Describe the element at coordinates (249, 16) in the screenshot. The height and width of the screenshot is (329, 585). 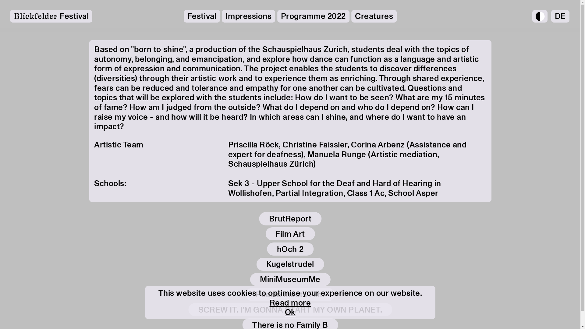
I see `'Impressions'` at that location.